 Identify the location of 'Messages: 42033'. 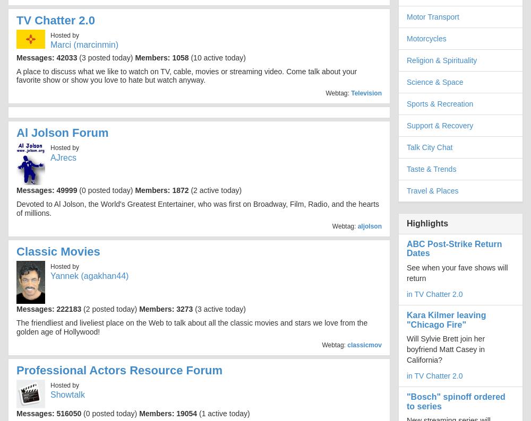
(46, 56).